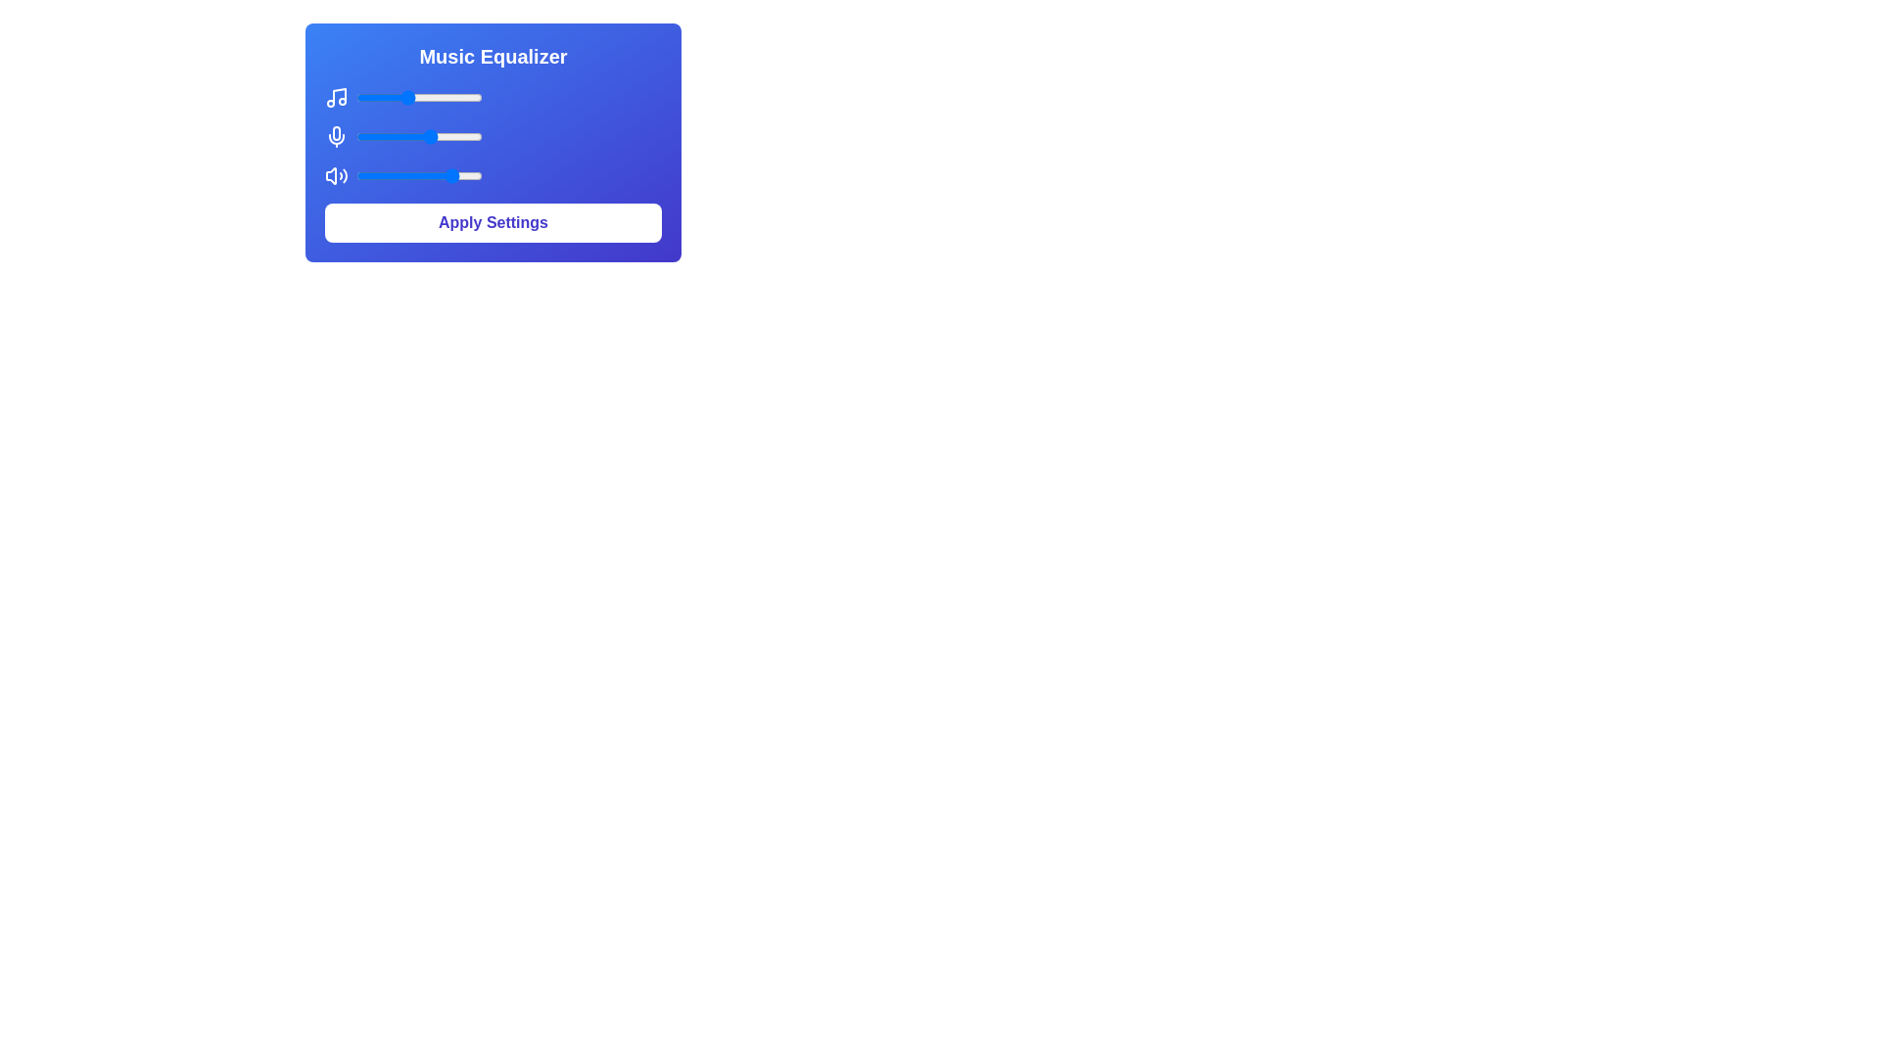  I want to click on the volume, so click(380, 176).